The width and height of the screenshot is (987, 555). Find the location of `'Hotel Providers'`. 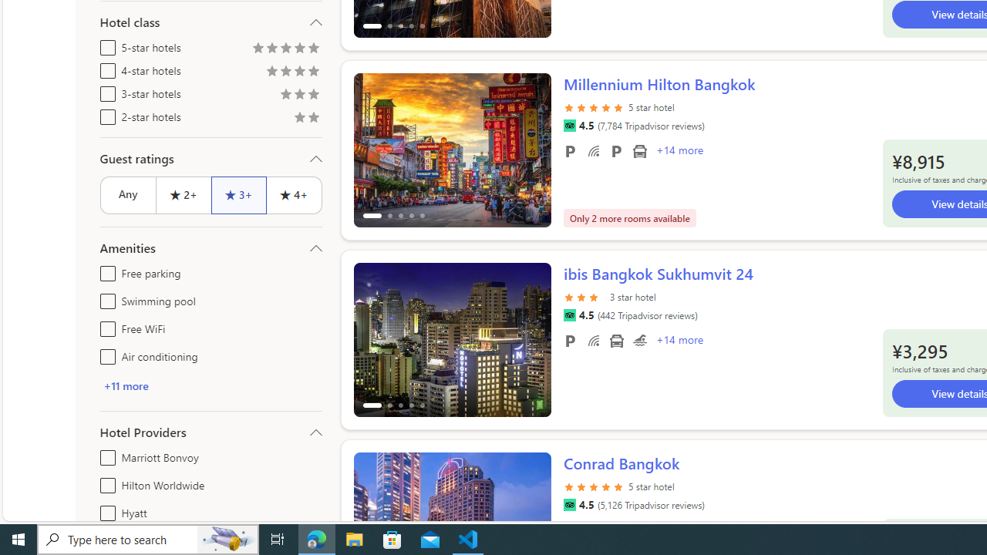

'Hotel Providers' is located at coordinates (210, 432).